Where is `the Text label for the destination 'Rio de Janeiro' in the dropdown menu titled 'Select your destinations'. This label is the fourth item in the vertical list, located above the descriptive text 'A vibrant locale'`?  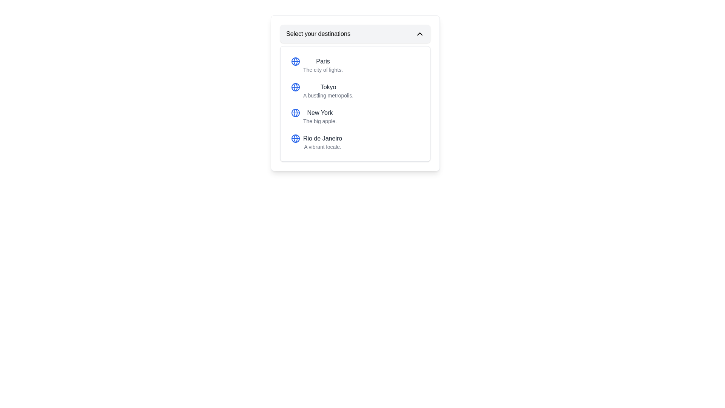
the Text label for the destination 'Rio de Janeiro' in the dropdown menu titled 'Select your destinations'. This label is the fourth item in the vertical list, located above the descriptive text 'A vibrant locale' is located at coordinates (322, 138).